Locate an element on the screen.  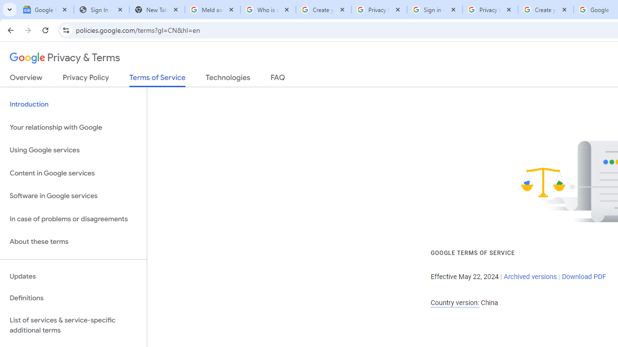
'List of services & service-specific additional terms' is located at coordinates (73, 325).